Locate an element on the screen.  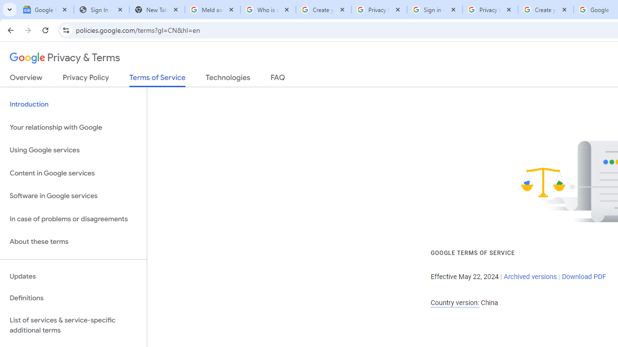
'List of services & service-specific additional terms' is located at coordinates (73, 325).